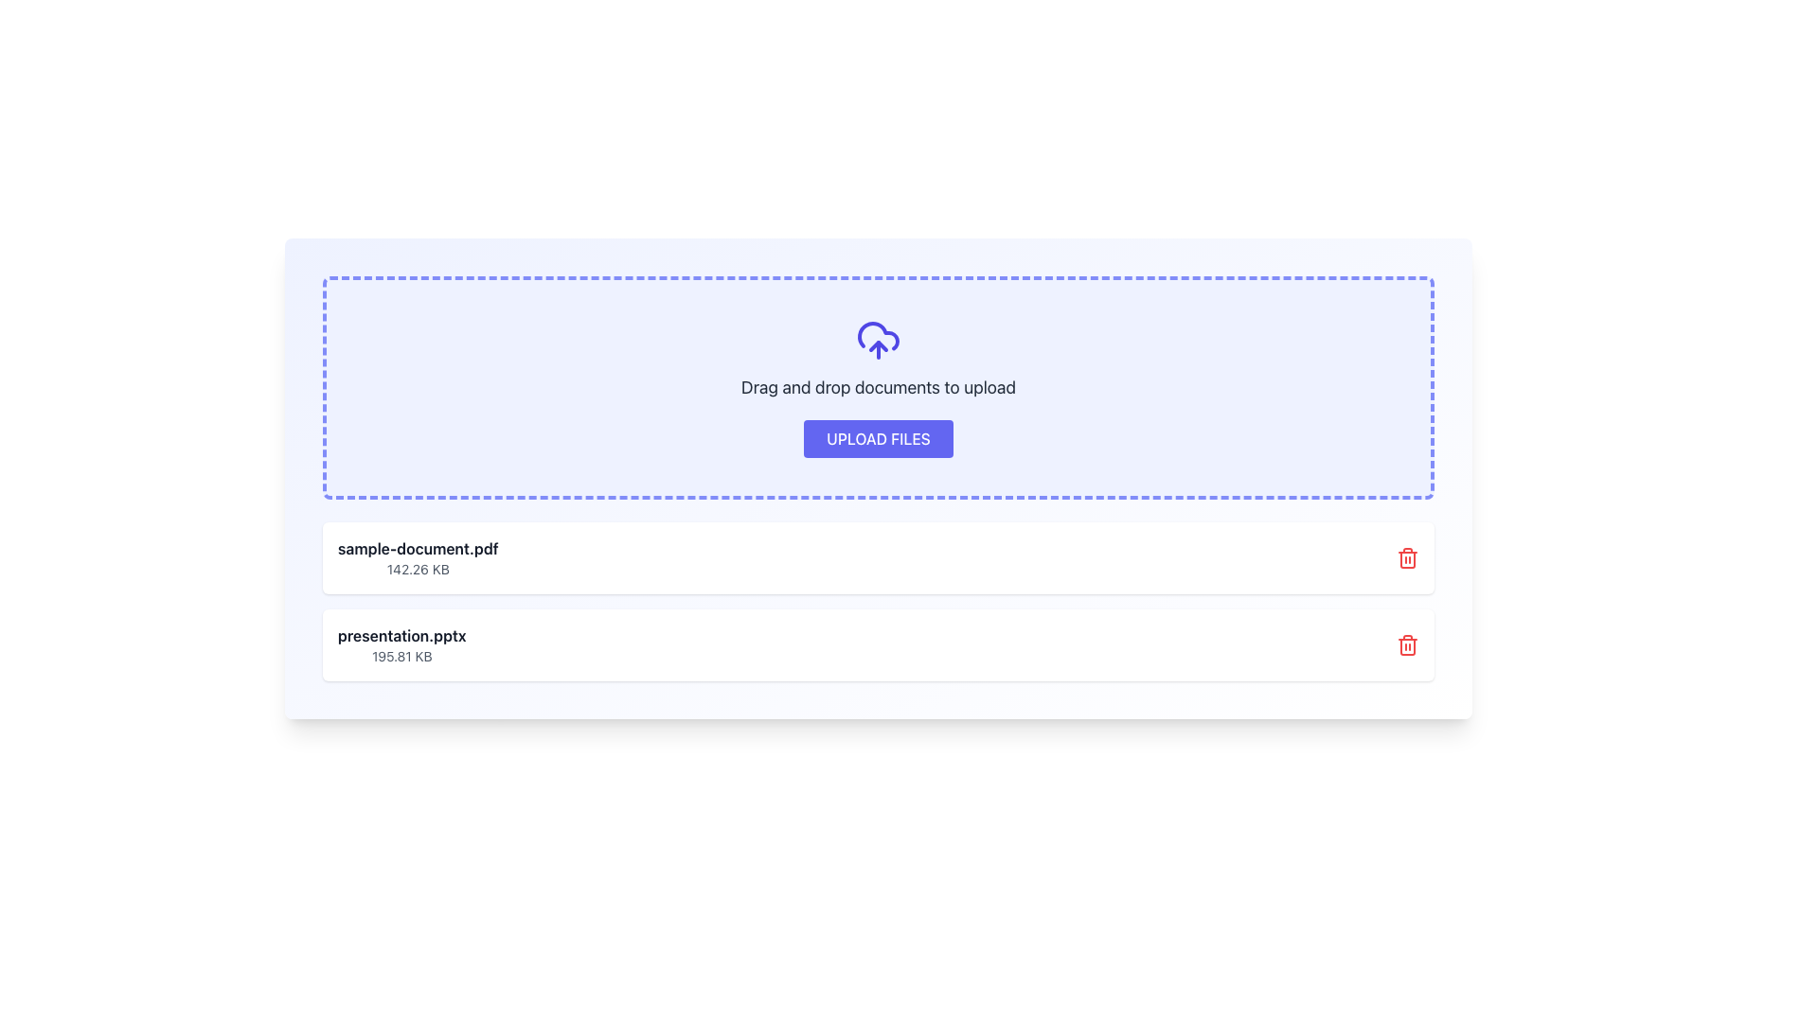  What do you see at coordinates (417, 568) in the screenshot?
I see `the text label displaying the file size '142.26 KB' located directly beneath 'sample-document.pdf'` at bounding box center [417, 568].